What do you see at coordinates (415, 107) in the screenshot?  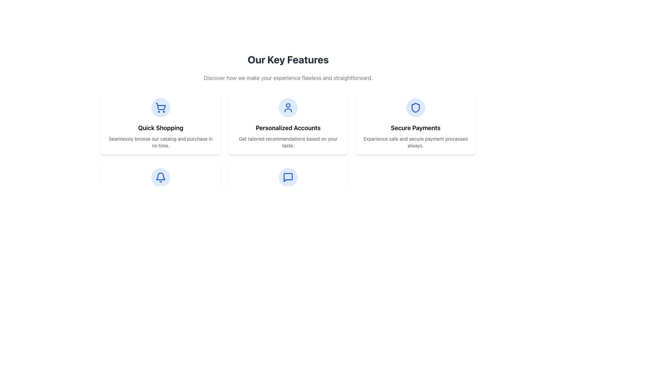 I see `the rounded button with a light blue background and a dark blue shield icon, located at the top-center of the 'Secure Payments' card` at bounding box center [415, 107].